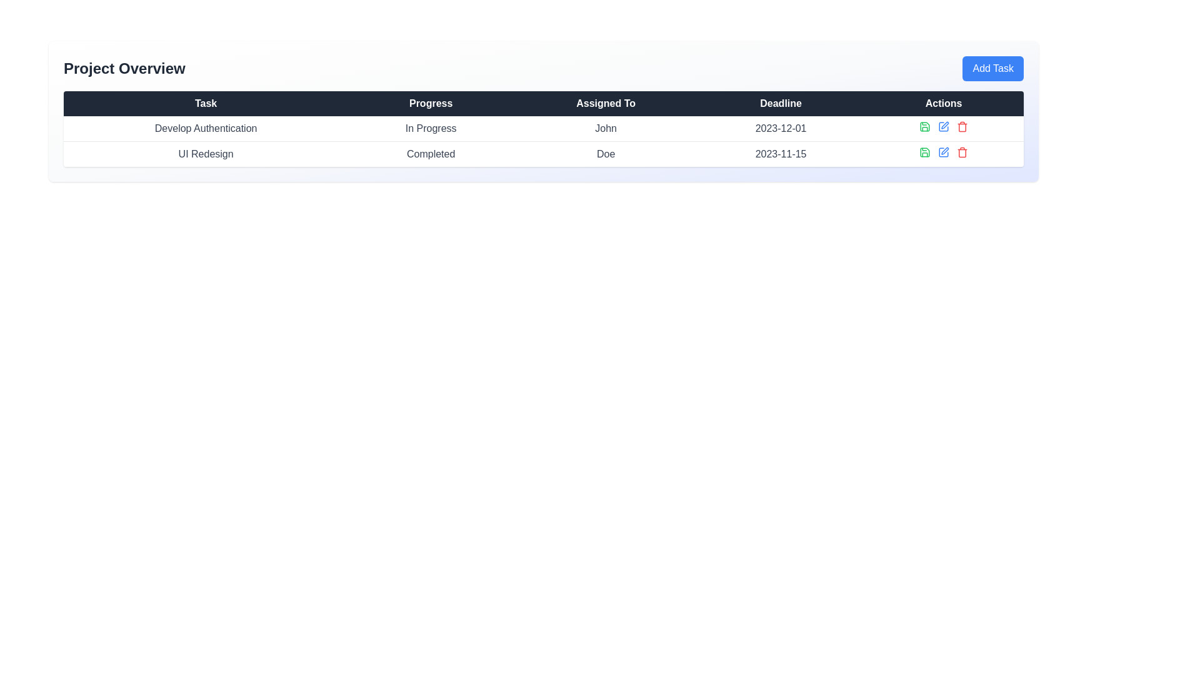  I want to click on the Text Label (Table Header) that indicates deadlines associated with tasks, located between the 'Assigned To' and 'Actions' column headers, so click(780, 102).